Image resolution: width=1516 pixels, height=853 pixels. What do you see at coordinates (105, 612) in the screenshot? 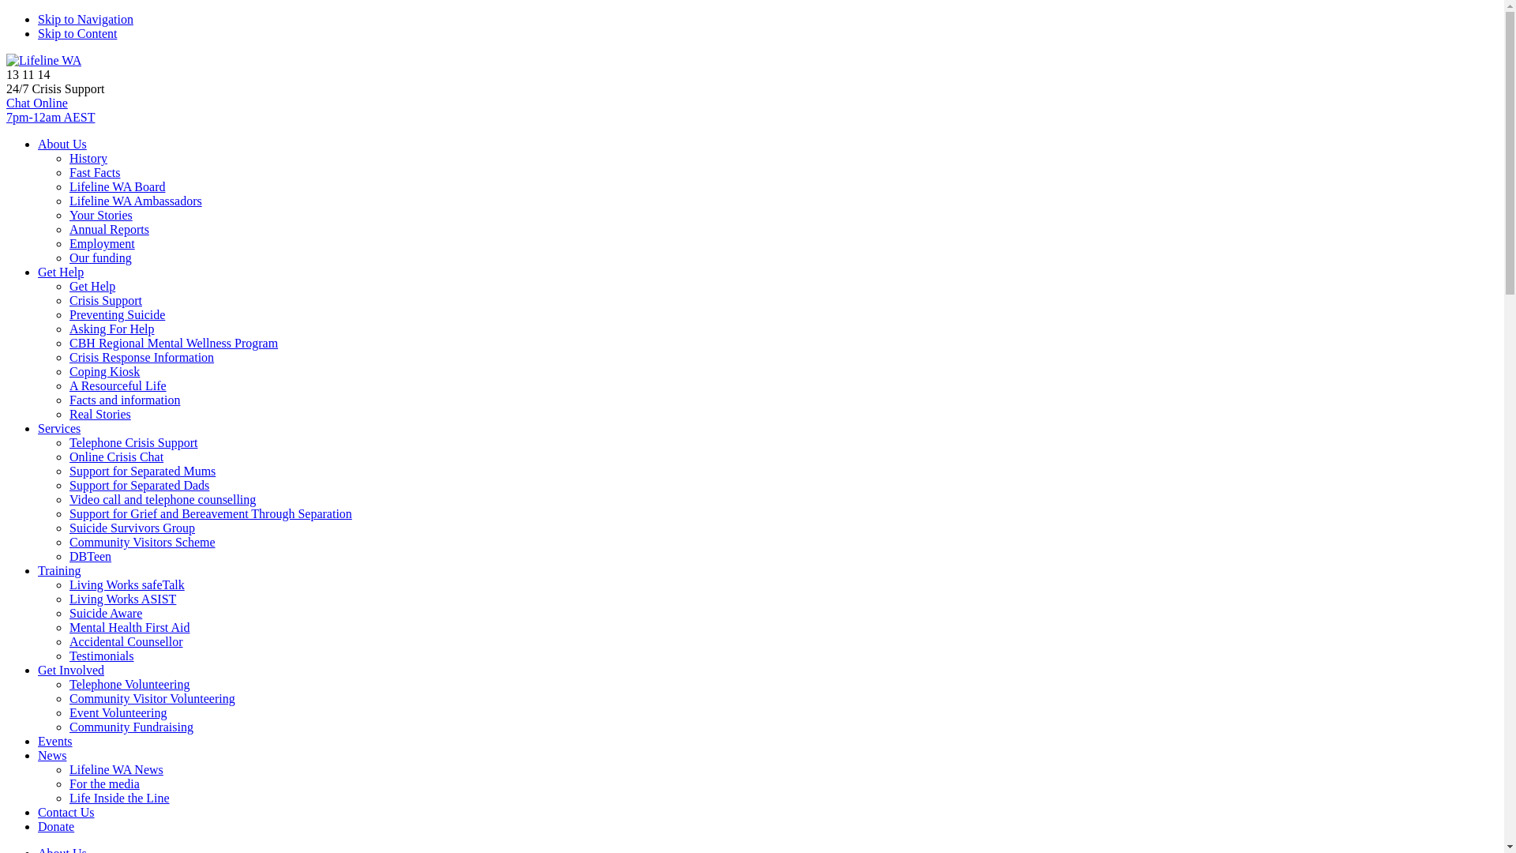
I see `'Suicide Aware'` at bounding box center [105, 612].